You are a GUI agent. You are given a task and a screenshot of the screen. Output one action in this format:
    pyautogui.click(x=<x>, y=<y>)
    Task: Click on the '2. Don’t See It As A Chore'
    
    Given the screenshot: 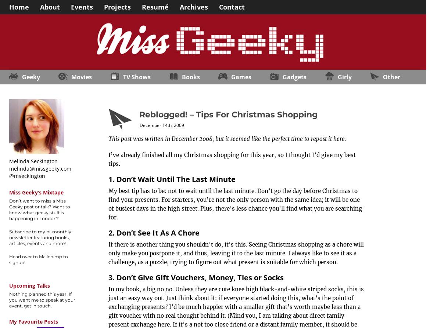 What is the action you would take?
    pyautogui.click(x=154, y=233)
    